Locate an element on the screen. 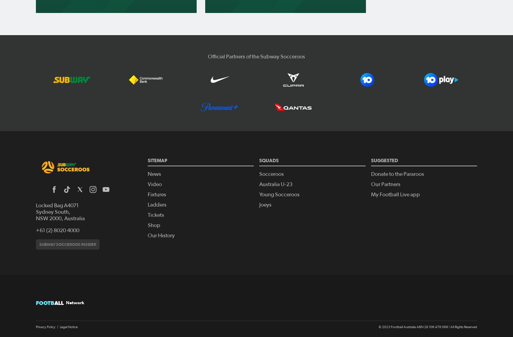 This screenshot has height=337, width=513. 'Our History' is located at coordinates (160, 235).